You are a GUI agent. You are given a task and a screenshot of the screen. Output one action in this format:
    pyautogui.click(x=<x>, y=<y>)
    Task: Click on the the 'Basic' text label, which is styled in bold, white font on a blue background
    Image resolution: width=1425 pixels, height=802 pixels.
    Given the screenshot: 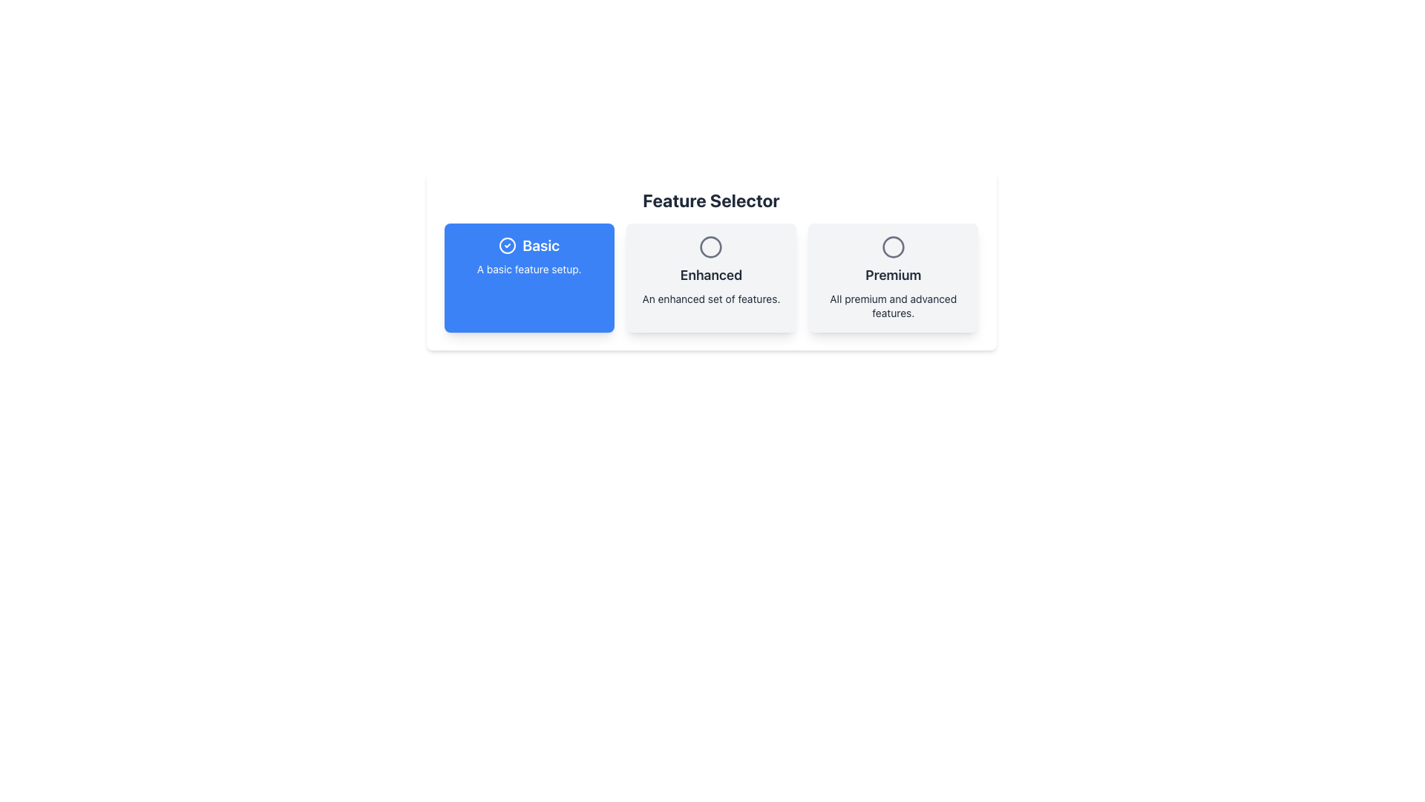 What is the action you would take?
    pyautogui.click(x=529, y=245)
    